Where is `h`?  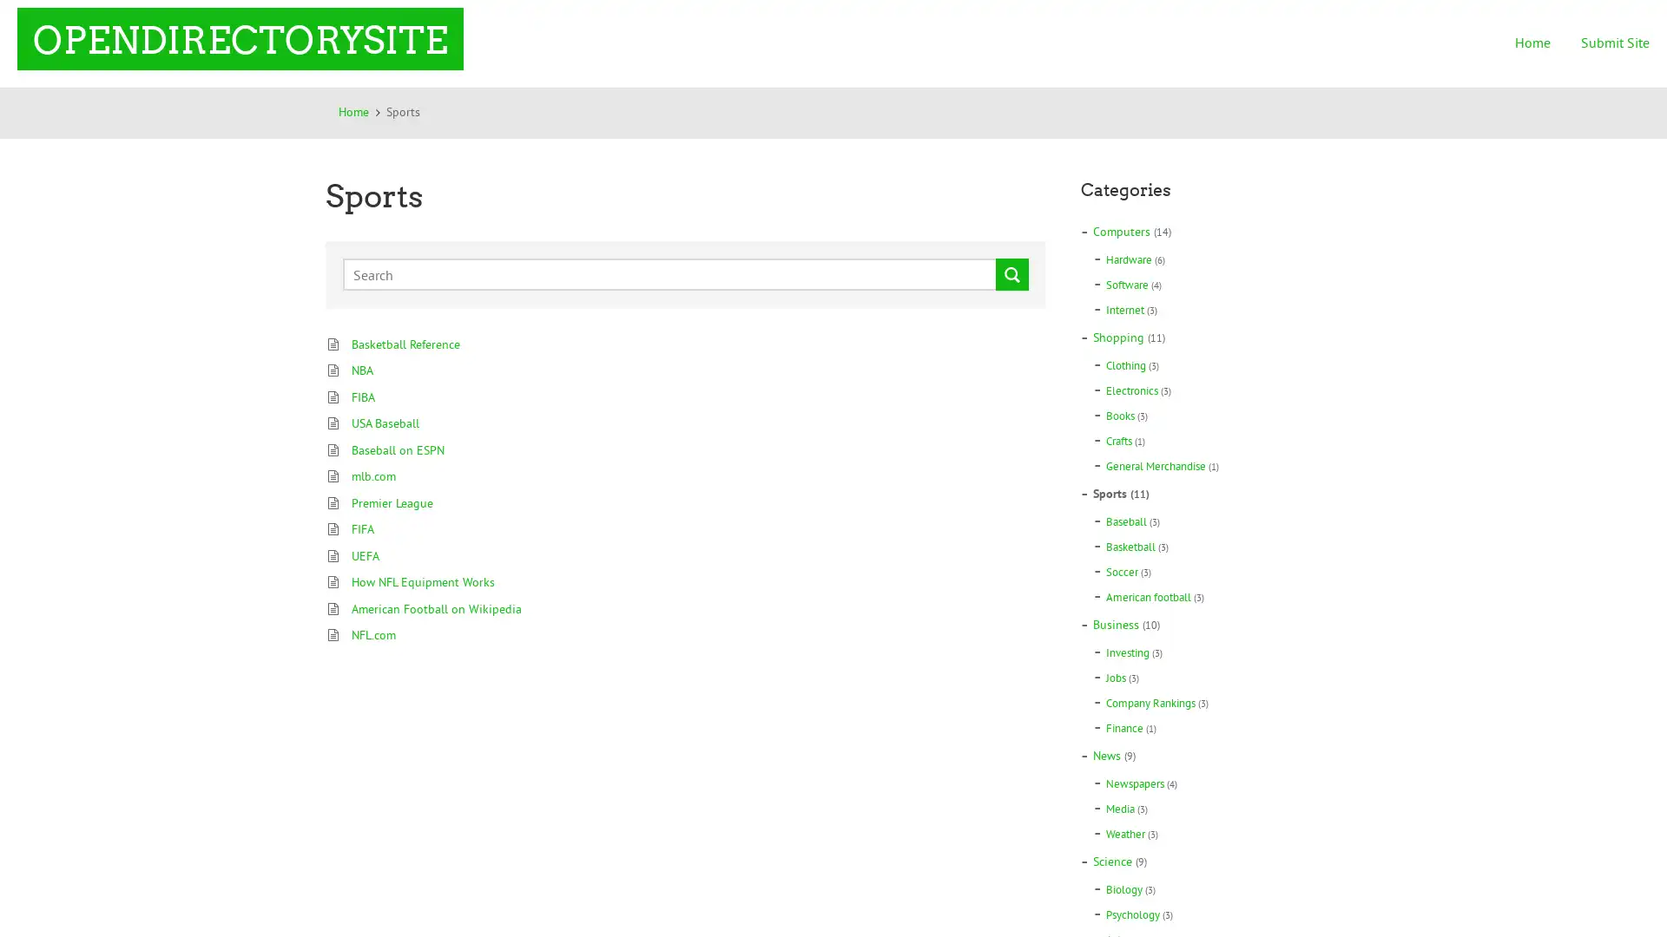
h is located at coordinates (1012, 273).